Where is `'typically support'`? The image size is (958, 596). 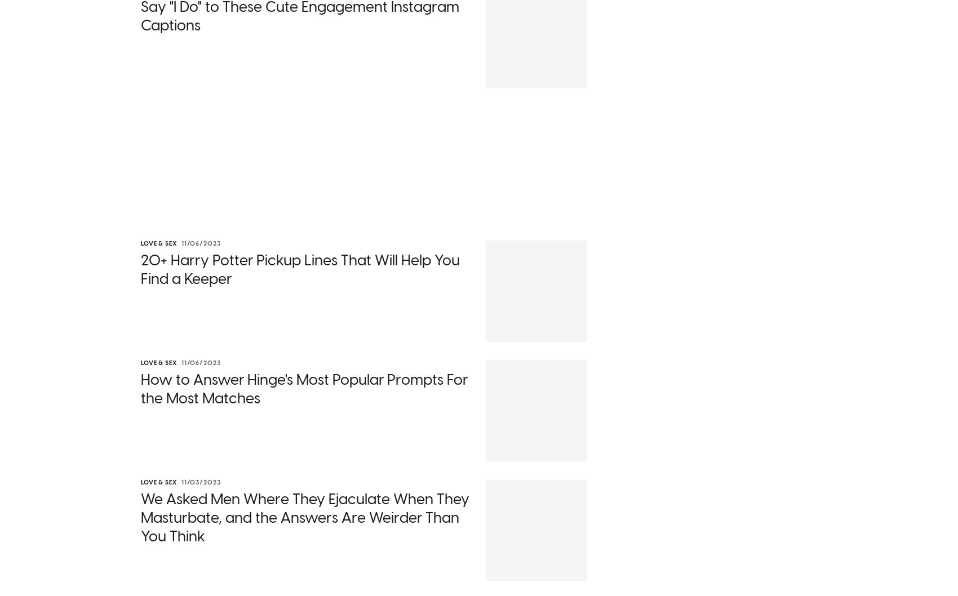
'typically support' is located at coordinates (433, 417).